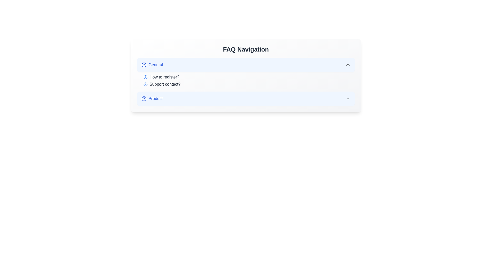 This screenshot has height=277, width=492. Describe the element at coordinates (145, 84) in the screenshot. I see `the circular icon positioned near the 'General' label in the FAQ navigation panel to provide additional information related to the 'General' section` at that location.